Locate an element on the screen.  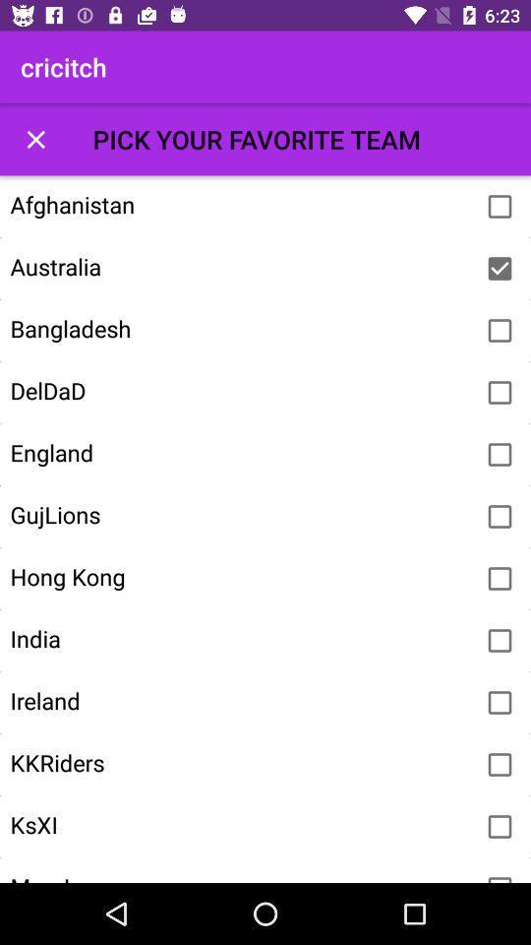
check the box is located at coordinates (500, 874).